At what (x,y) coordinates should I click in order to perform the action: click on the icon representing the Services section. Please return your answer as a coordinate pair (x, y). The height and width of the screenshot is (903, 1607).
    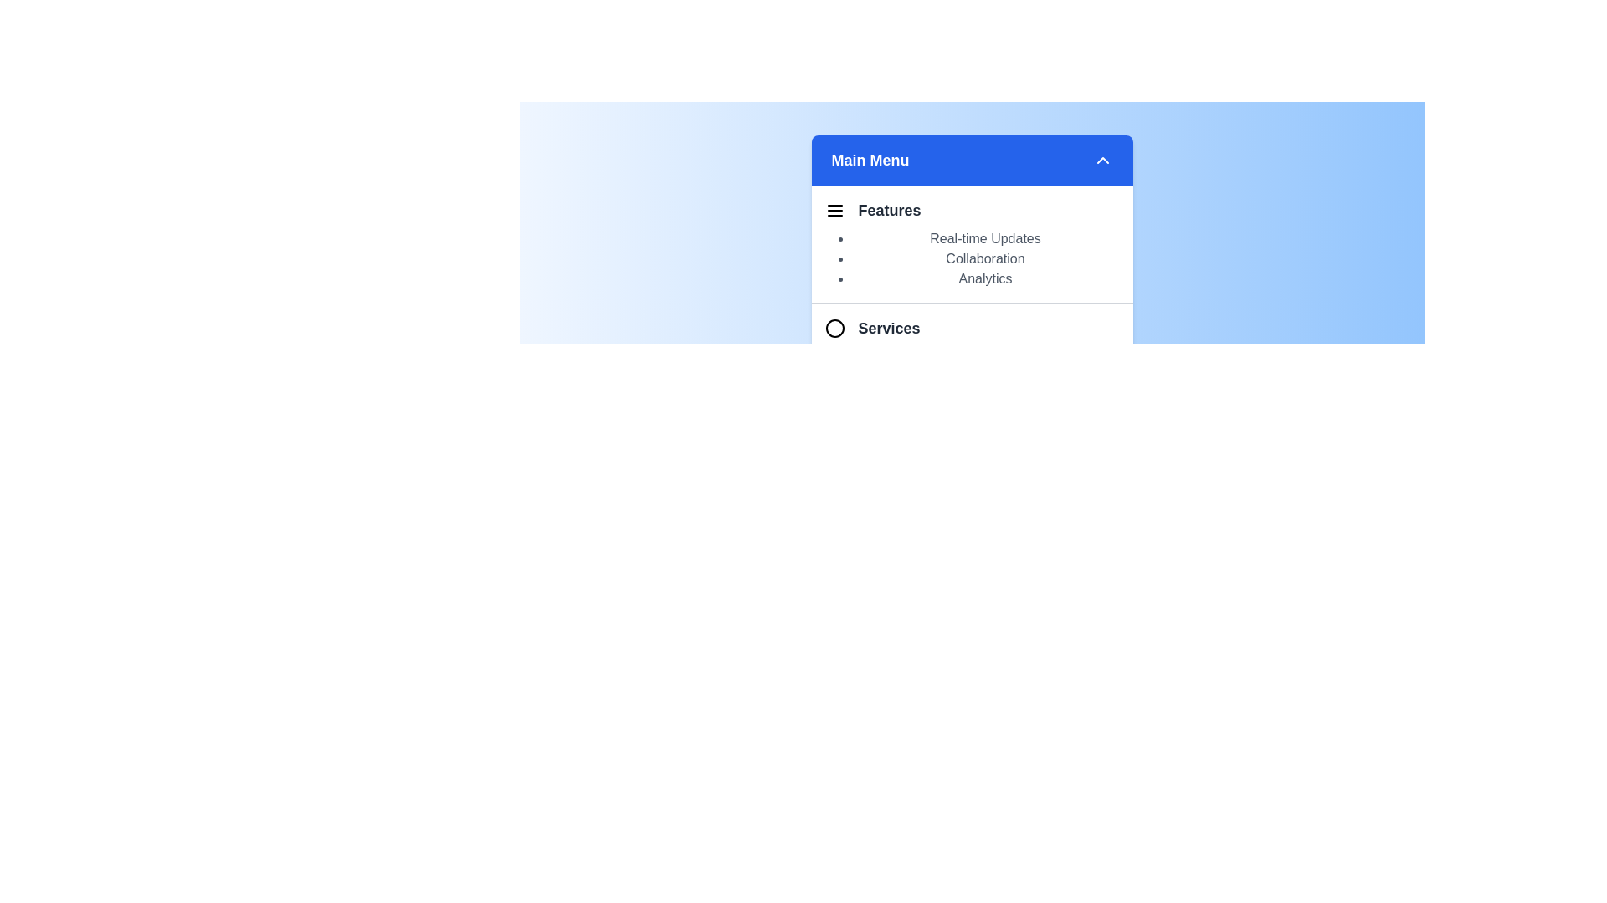
    Looking at the image, I should click on (834, 329).